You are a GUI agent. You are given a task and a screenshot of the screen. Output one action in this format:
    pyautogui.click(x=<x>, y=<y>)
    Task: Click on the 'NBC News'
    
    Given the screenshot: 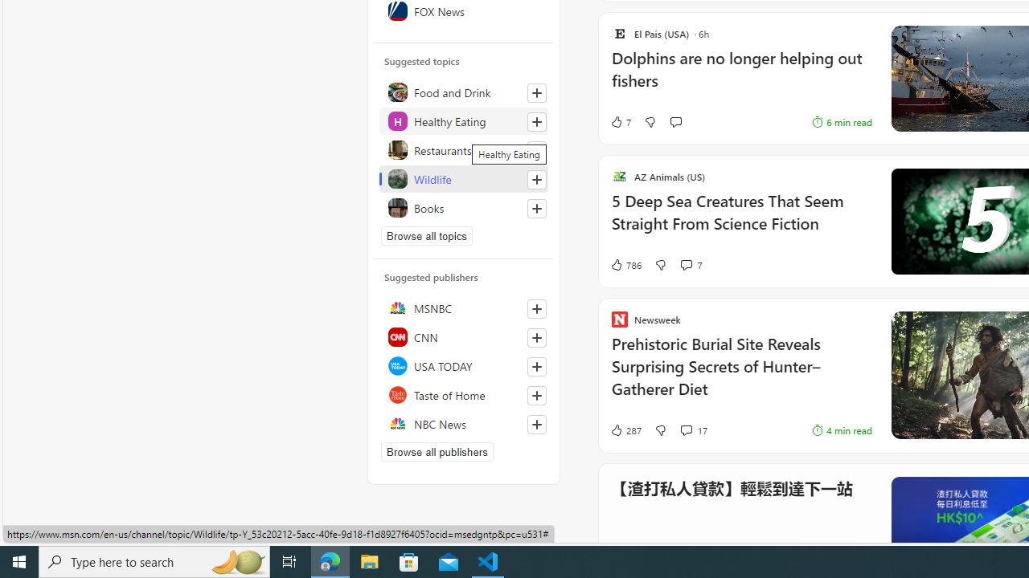 What is the action you would take?
    pyautogui.click(x=463, y=423)
    